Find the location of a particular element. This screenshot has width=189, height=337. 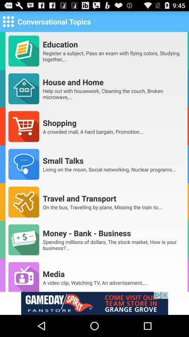

this option is advertisements is located at coordinates (94, 303).